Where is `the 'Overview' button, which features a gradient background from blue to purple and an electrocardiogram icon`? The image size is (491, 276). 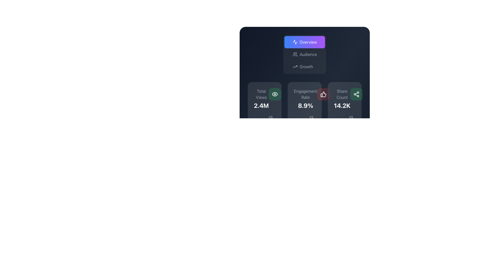 the 'Overview' button, which features a gradient background from blue to purple and an electrocardiogram icon is located at coordinates (305, 42).